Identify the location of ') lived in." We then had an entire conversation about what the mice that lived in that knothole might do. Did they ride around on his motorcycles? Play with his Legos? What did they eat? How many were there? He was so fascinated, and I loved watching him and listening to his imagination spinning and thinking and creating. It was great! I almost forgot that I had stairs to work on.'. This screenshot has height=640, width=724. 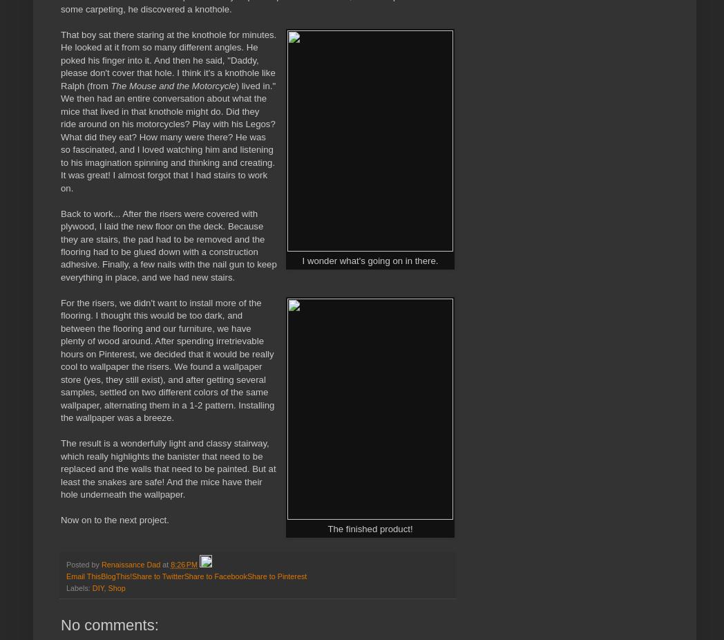
(168, 135).